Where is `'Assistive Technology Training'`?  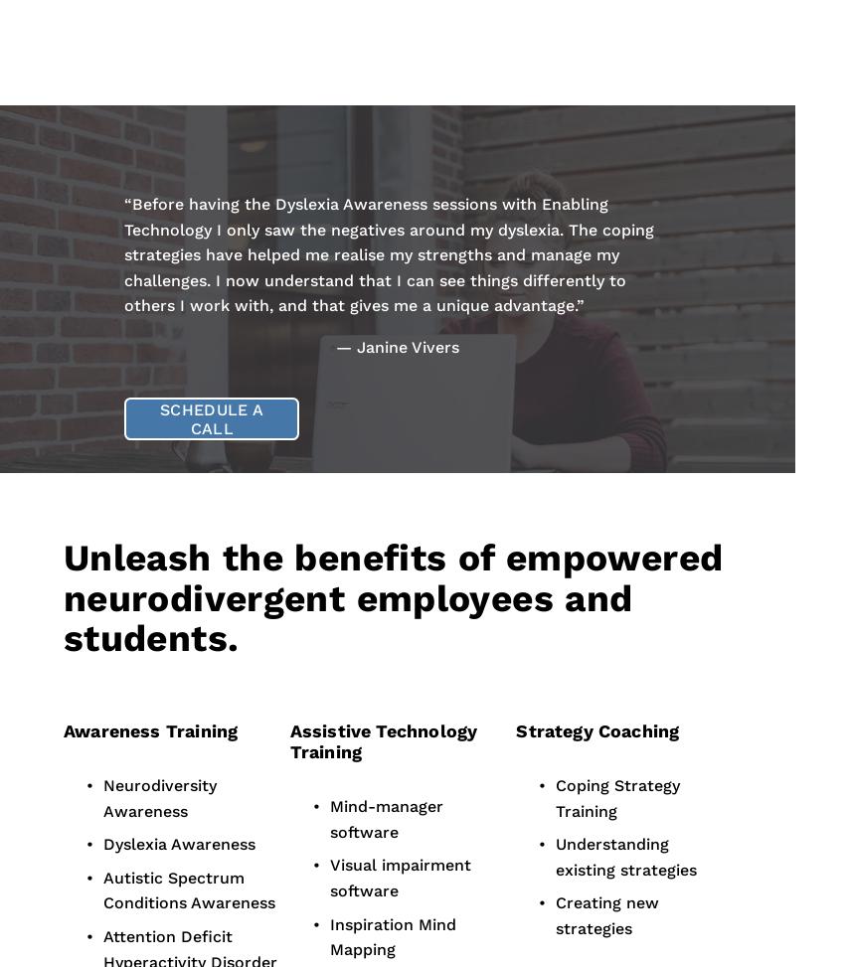
'Assistive Technology Training' is located at coordinates (384, 740).